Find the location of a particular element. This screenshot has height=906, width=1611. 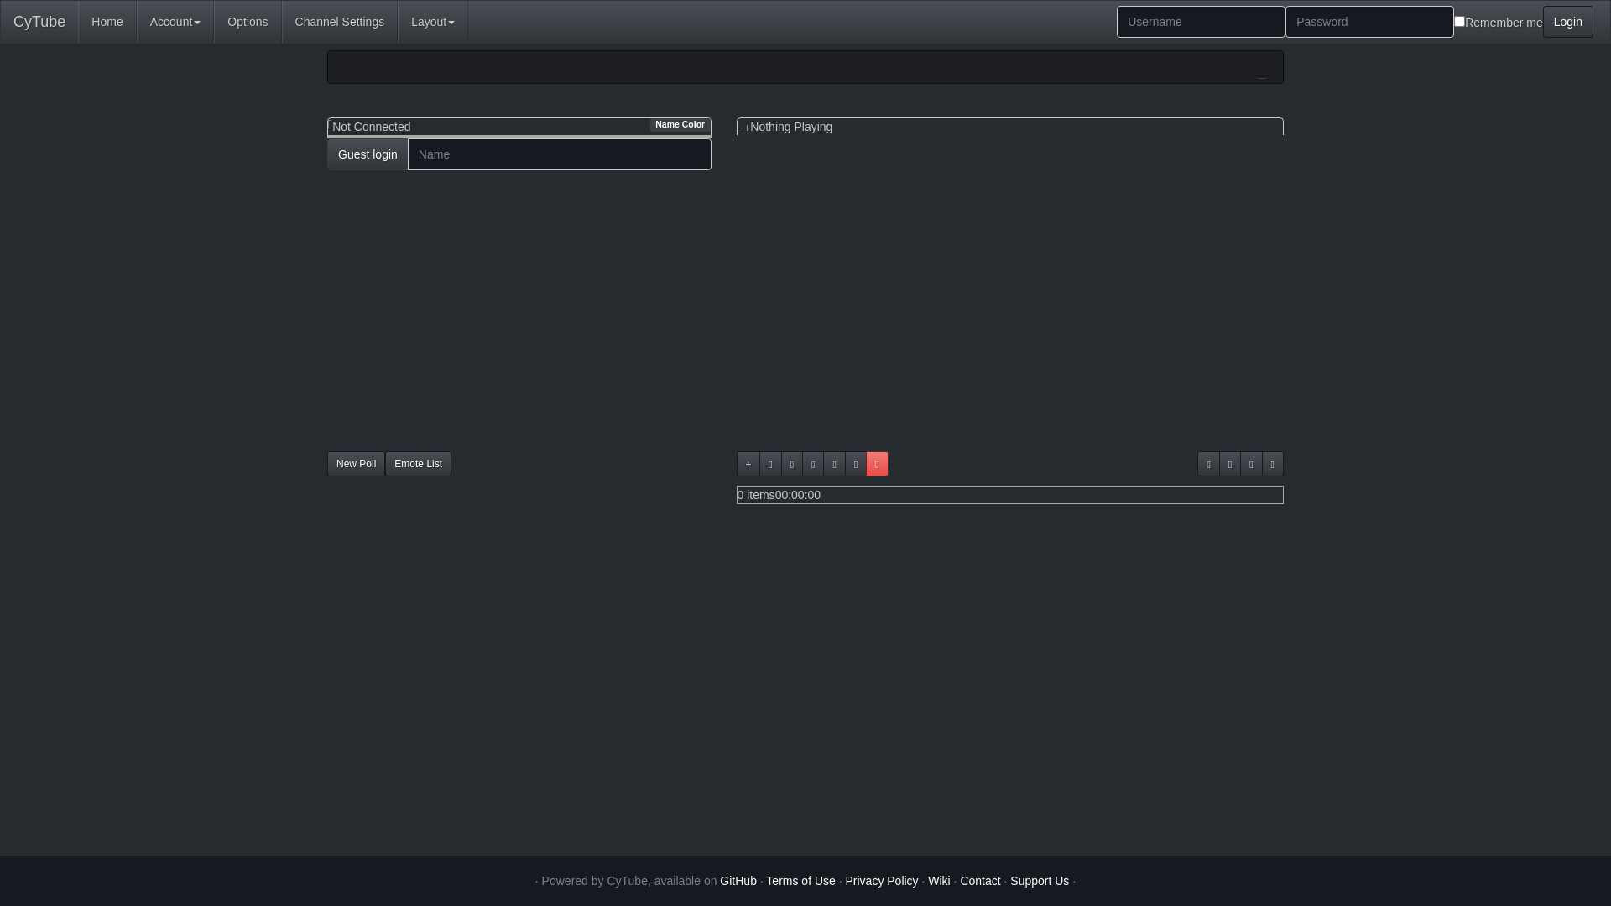

'Support Us' is located at coordinates (1038, 879).